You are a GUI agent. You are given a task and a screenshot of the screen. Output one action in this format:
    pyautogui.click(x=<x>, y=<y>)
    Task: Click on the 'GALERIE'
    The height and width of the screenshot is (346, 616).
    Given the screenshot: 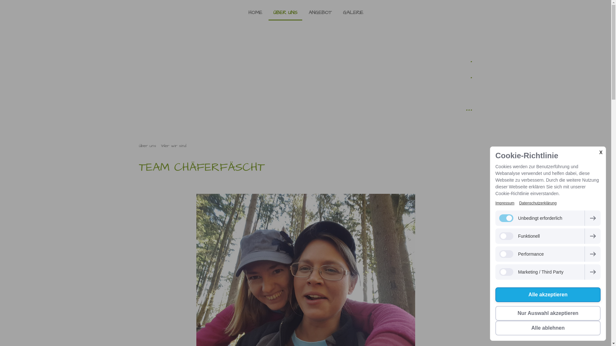 What is the action you would take?
    pyautogui.click(x=353, y=12)
    